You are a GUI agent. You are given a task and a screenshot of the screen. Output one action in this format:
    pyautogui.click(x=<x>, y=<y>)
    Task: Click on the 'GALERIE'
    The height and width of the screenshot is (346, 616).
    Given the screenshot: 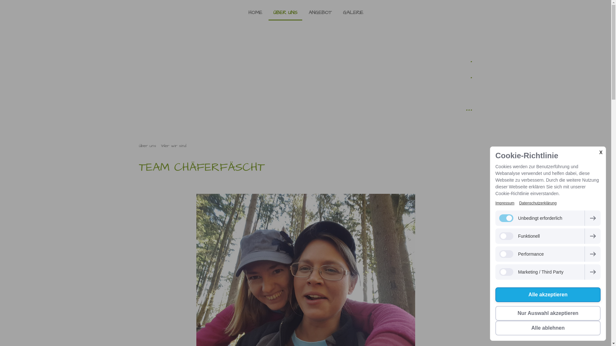 What is the action you would take?
    pyautogui.click(x=353, y=12)
    